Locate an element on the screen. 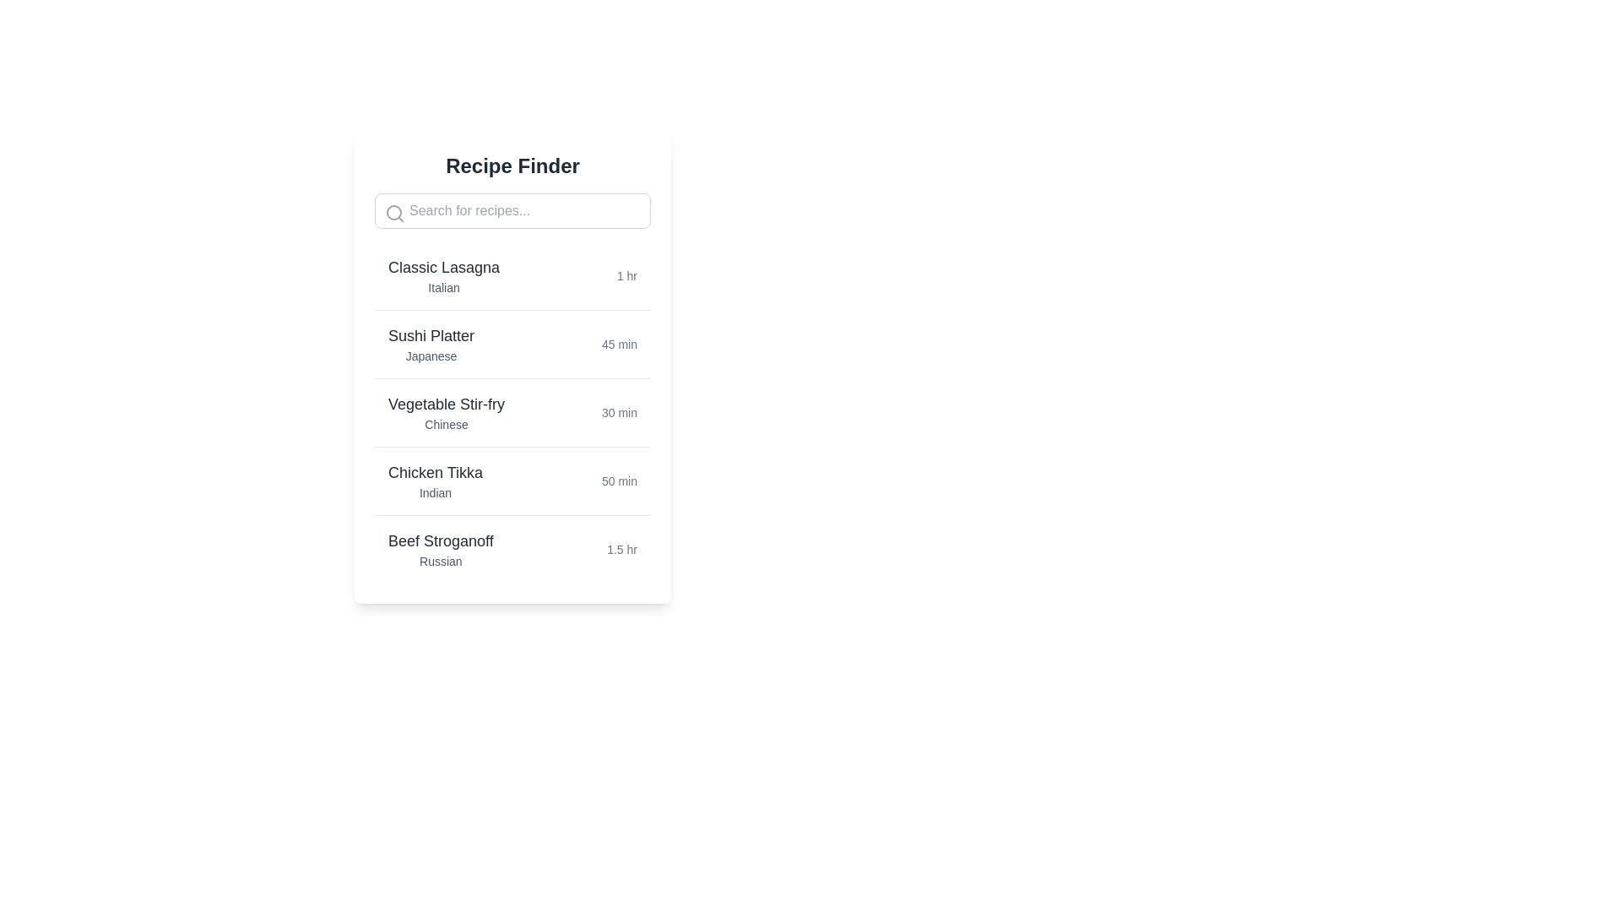  the 'Beef Stroganoff' label is located at coordinates (441, 540).